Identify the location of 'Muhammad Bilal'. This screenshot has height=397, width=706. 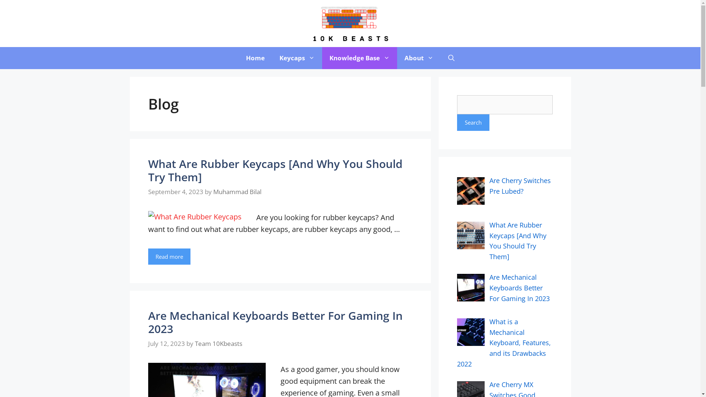
(237, 191).